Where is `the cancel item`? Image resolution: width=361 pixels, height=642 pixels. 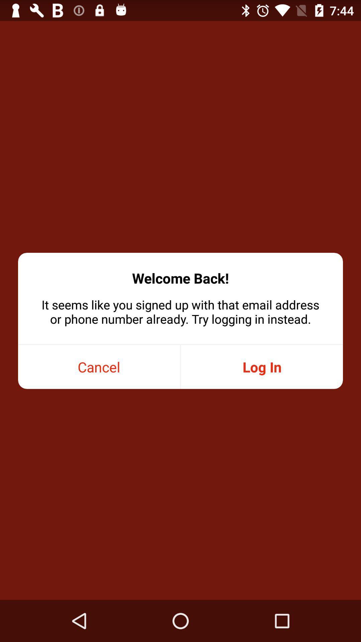 the cancel item is located at coordinates (99, 366).